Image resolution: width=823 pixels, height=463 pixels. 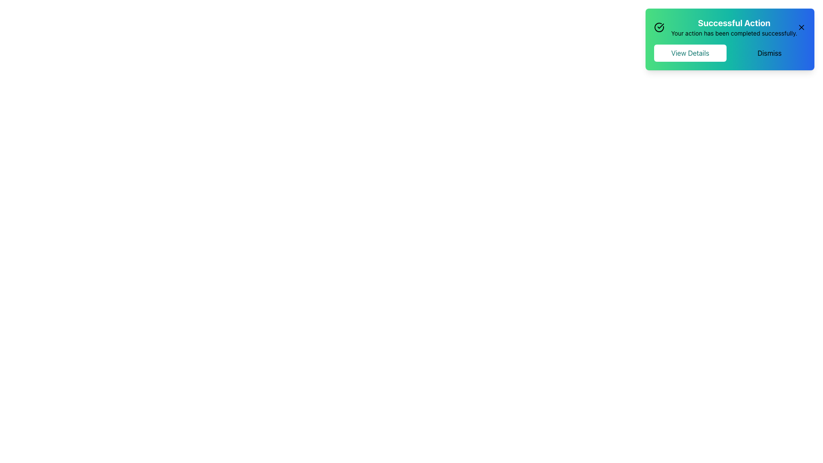 What do you see at coordinates (733, 27) in the screenshot?
I see `confirmation message displayed in the large text block located within the notification card in the upper-right corner of the page` at bounding box center [733, 27].